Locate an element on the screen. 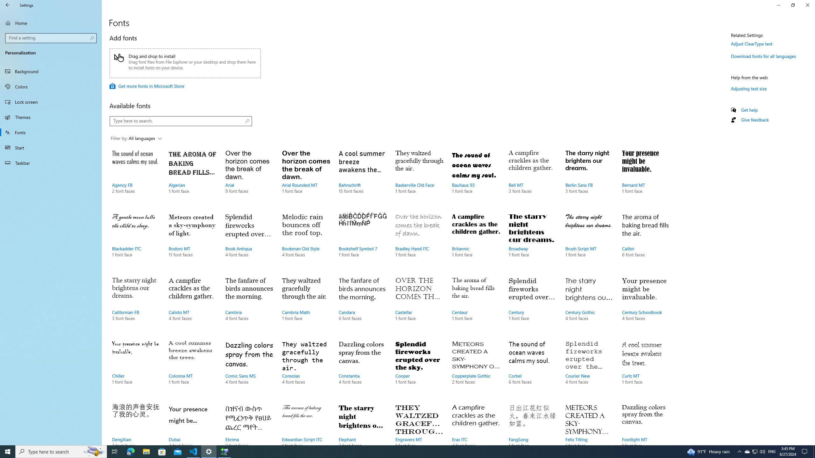 Image resolution: width=815 pixels, height=458 pixels. 'Dubai, 4 font faces' is located at coordinates (192, 422).